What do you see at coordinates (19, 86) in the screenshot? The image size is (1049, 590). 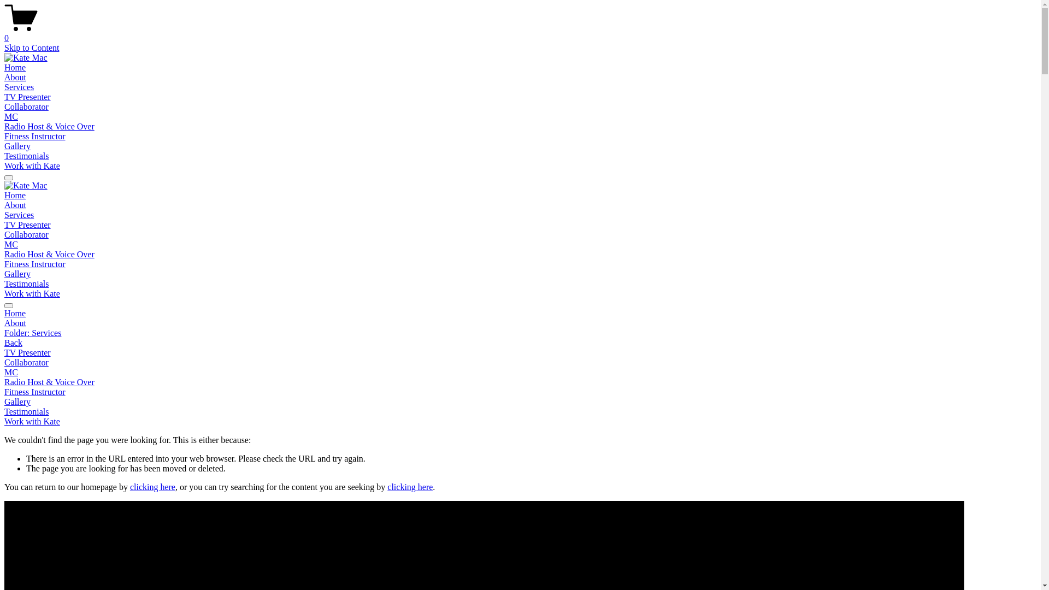 I see `'Services'` at bounding box center [19, 86].